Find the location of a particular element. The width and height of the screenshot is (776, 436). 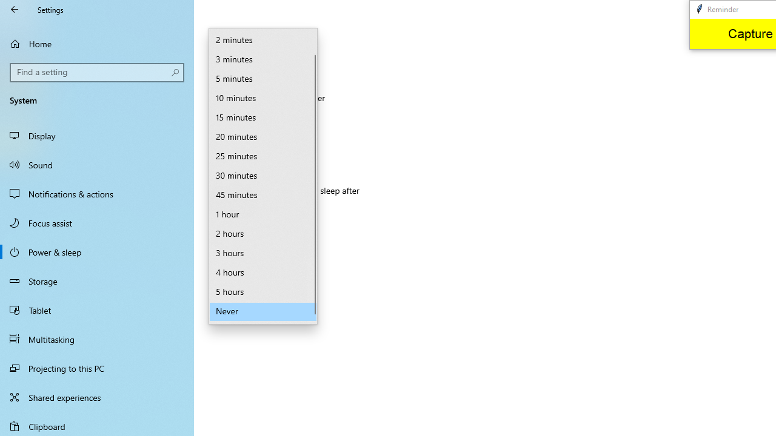

'30 minutes' is located at coordinates (263, 176).